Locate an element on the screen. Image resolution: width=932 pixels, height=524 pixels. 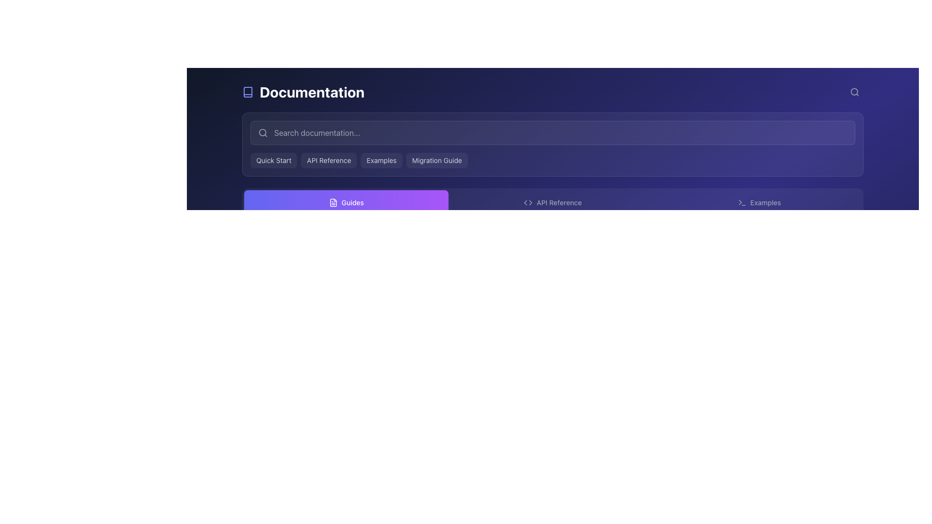
the second button in a horizontal row of three buttons to activate the hover effects is located at coordinates (552, 202).